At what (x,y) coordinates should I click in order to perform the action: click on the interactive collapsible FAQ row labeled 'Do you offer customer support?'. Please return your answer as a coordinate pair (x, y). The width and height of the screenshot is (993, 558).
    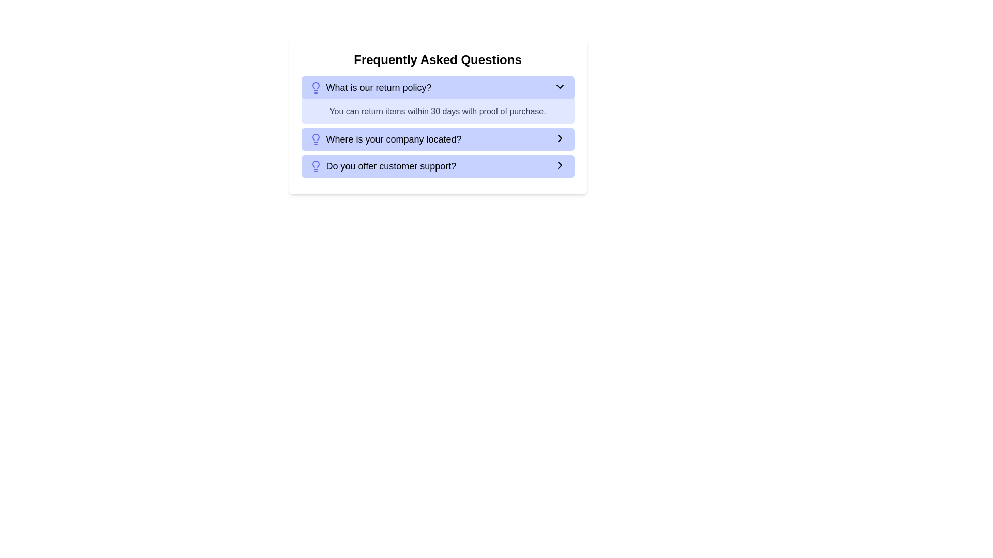
    Looking at the image, I should click on (438, 165).